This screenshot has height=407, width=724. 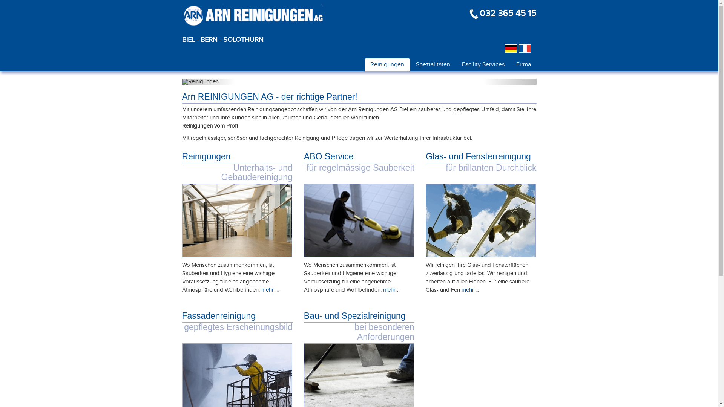 What do you see at coordinates (523, 64) in the screenshot?
I see `'Firma'` at bounding box center [523, 64].